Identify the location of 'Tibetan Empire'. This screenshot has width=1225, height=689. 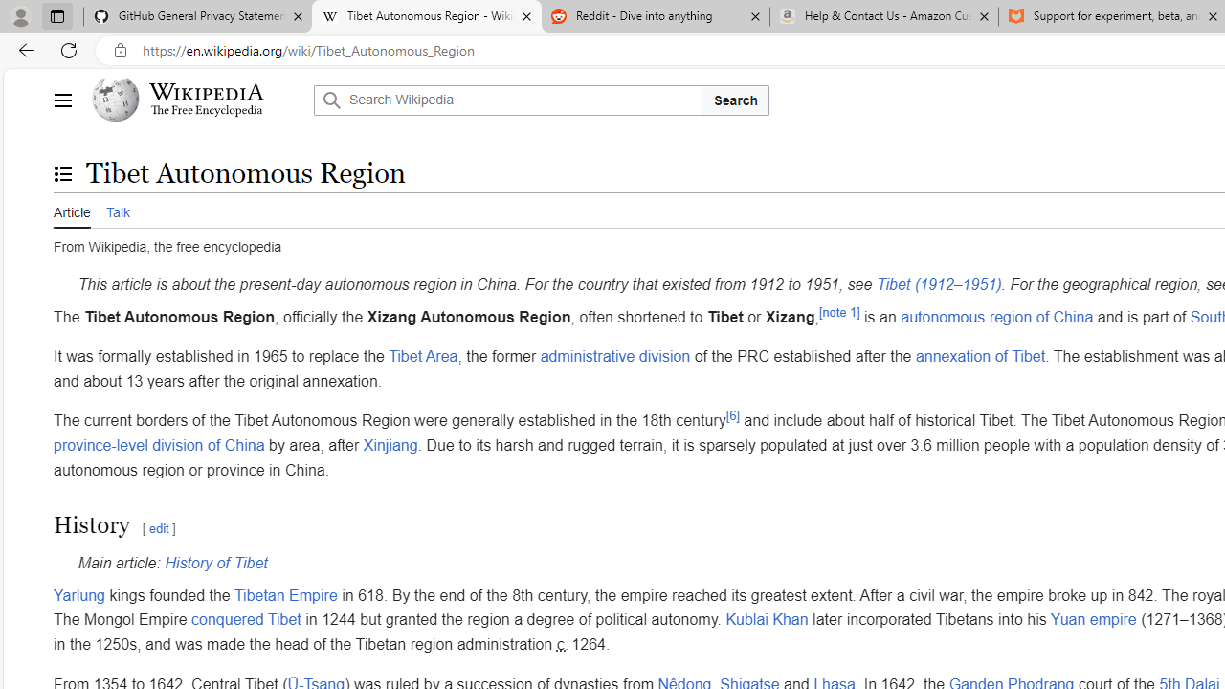
(284, 593).